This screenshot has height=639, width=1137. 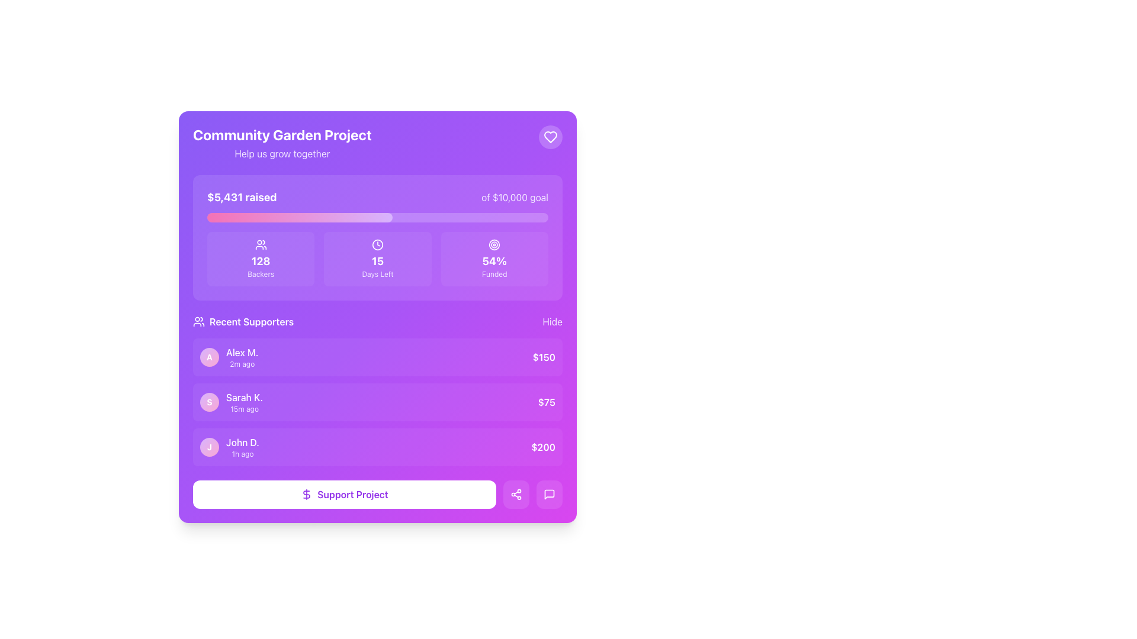 I want to click on the subtext element providing a motivational message related to the 'Community Garden Project', located directly below the main title within the top section of the interface, so click(x=281, y=153).